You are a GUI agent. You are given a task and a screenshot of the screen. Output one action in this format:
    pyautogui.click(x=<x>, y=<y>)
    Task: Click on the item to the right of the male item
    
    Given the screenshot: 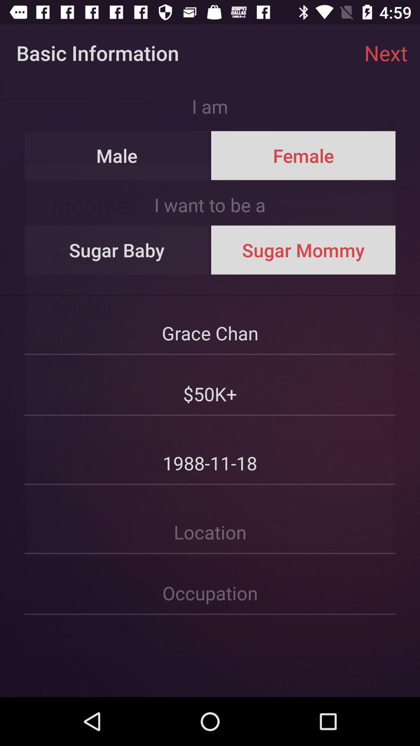 What is the action you would take?
    pyautogui.click(x=303, y=155)
    